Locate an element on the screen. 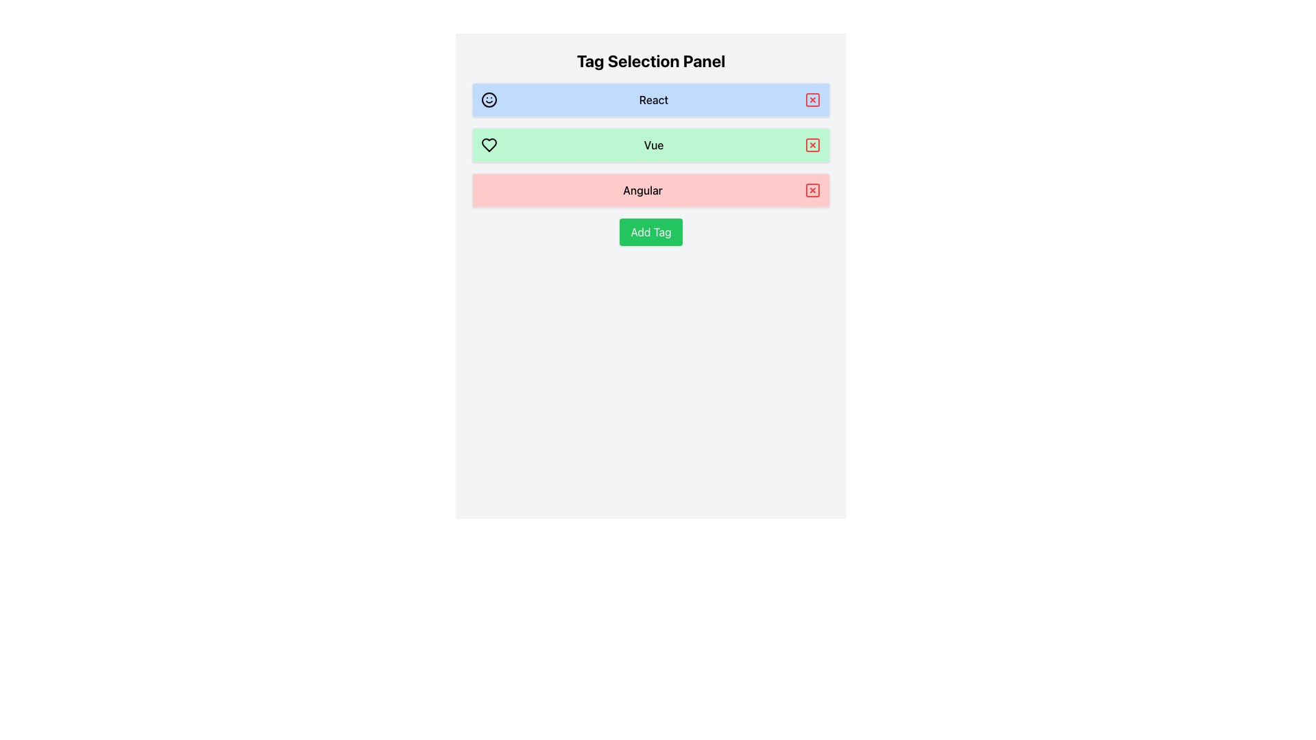  the heart icon associated with the 'Vue' tag item, located in the second row of the vertically stacked tag list is located at coordinates (489, 145).